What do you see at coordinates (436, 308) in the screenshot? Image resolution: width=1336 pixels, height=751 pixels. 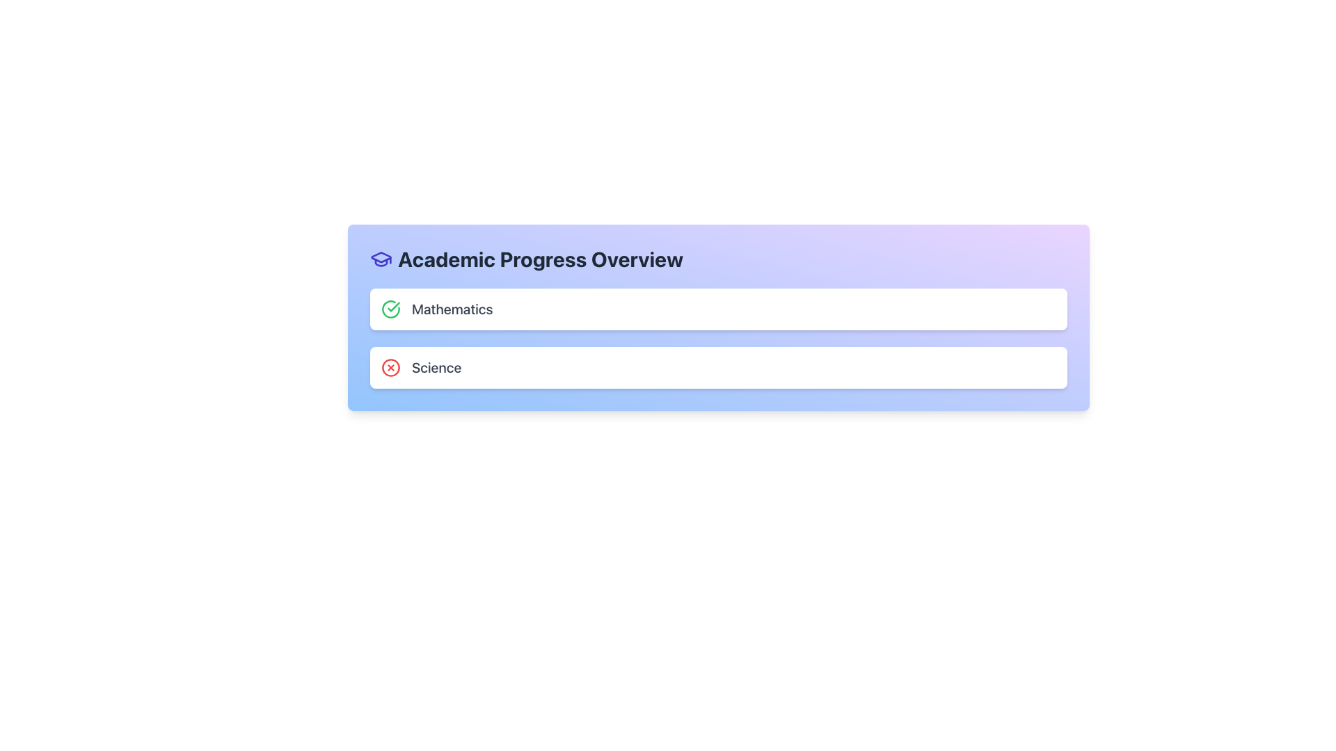 I see `the inline text representation for 'Mathematics' with a green checkmark` at bounding box center [436, 308].